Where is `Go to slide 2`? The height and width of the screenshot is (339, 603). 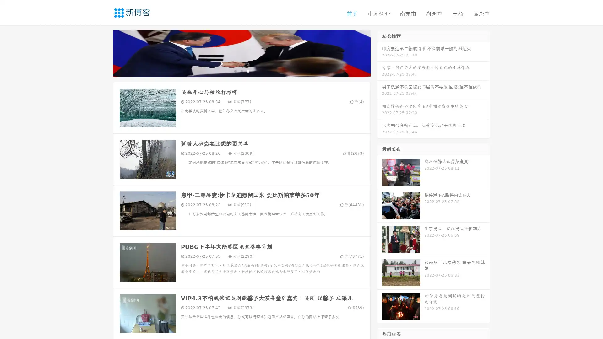
Go to slide 2 is located at coordinates (241, 71).